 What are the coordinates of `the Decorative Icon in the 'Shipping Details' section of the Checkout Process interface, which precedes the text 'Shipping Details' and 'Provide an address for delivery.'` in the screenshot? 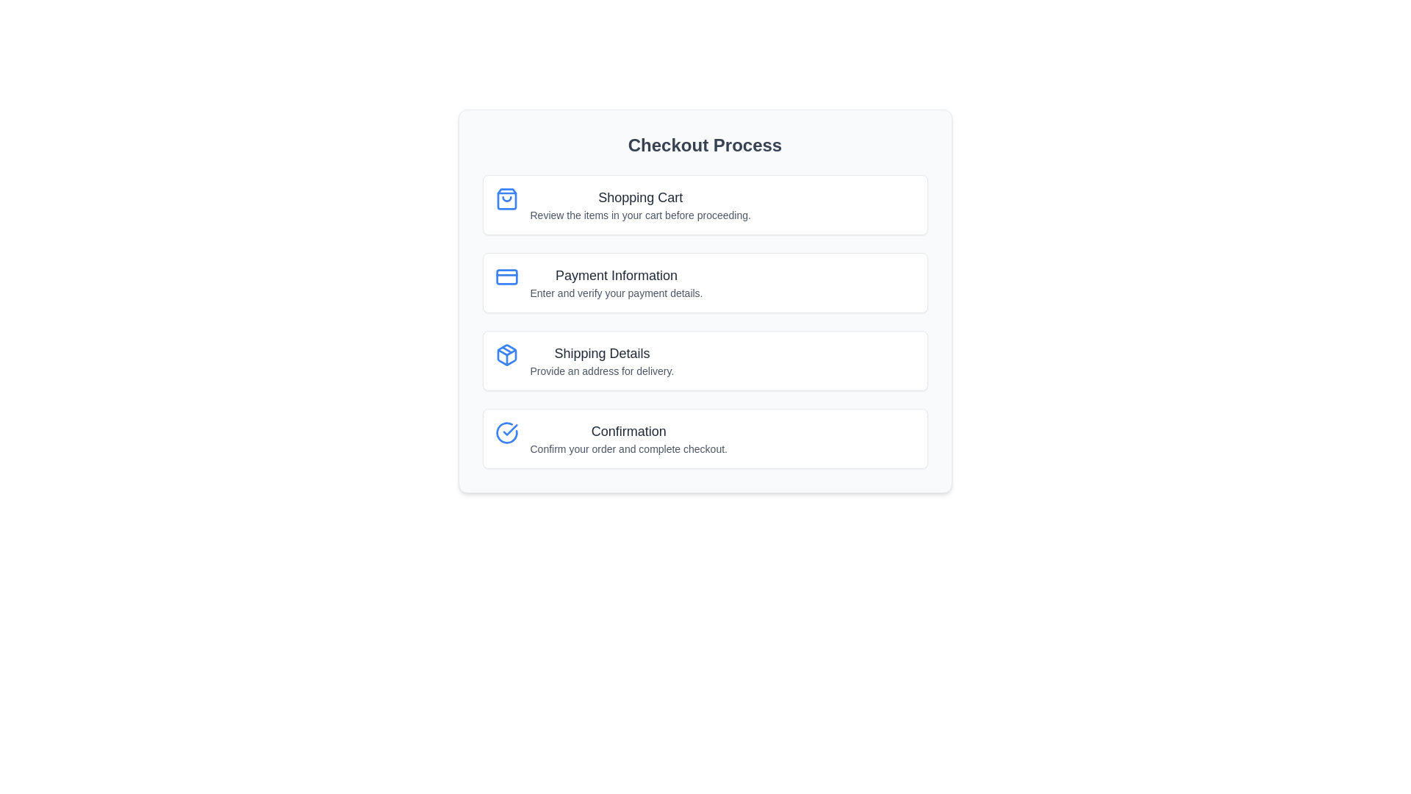 It's located at (506, 354).